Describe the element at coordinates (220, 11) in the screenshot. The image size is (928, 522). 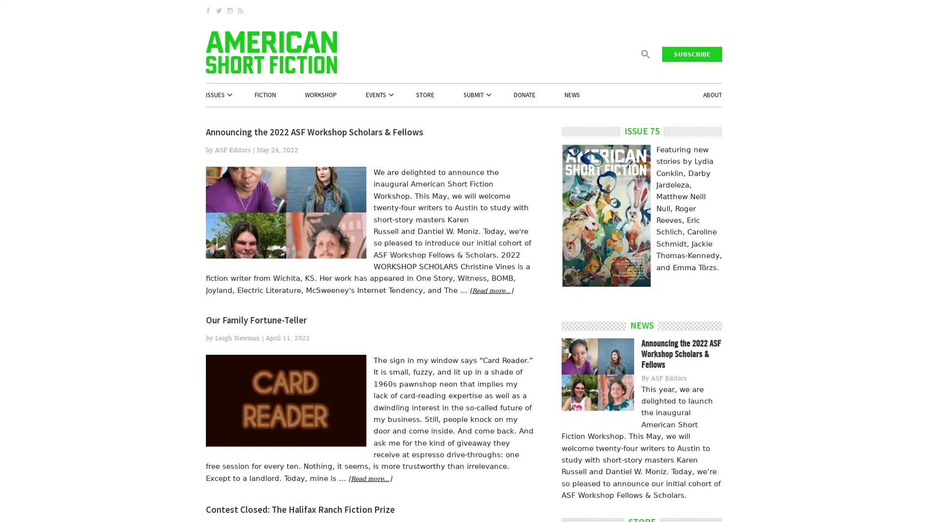
I see `twitter` at that location.